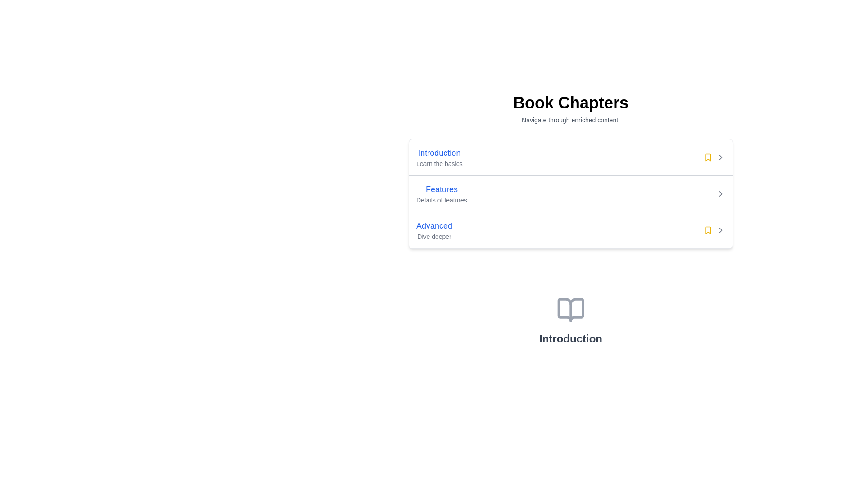 The width and height of the screenshot is (865, 486). I want to click on the navigation control icon located on the far right of the 'Features' row in the 'Book Chapters' list, so click(720, 193).